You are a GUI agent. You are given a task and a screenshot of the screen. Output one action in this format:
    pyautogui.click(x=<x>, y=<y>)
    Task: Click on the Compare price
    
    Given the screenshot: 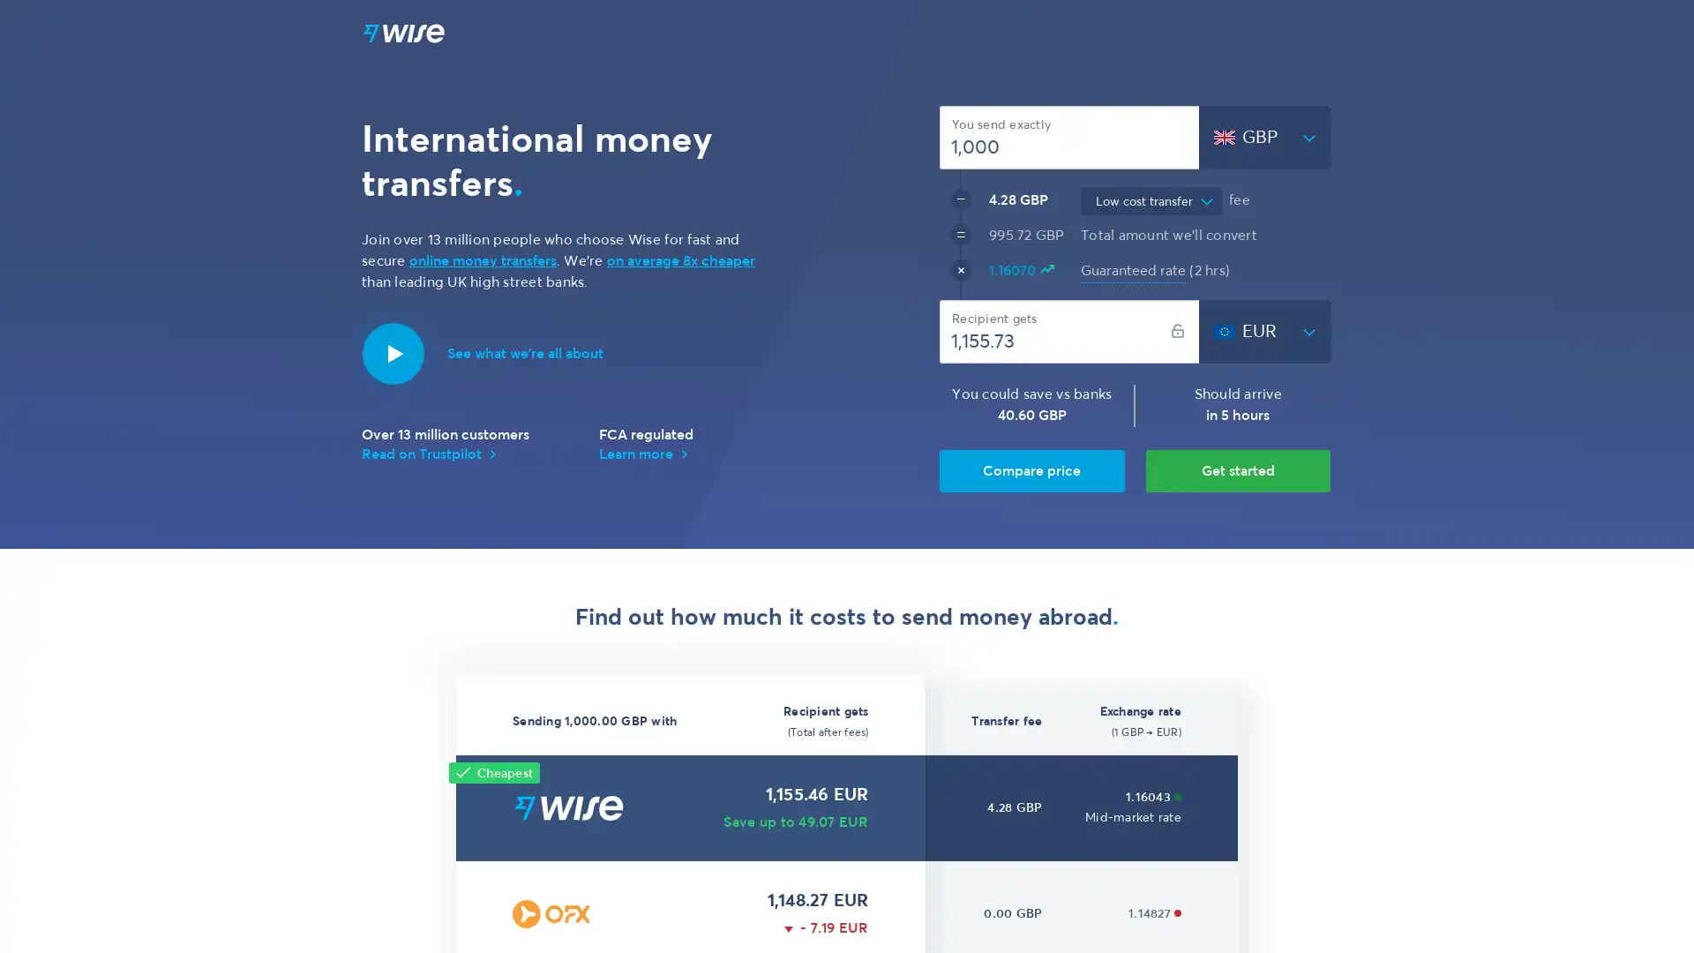 What is the action you would take?
    pyautogui.click(x=1031, y=469)
    